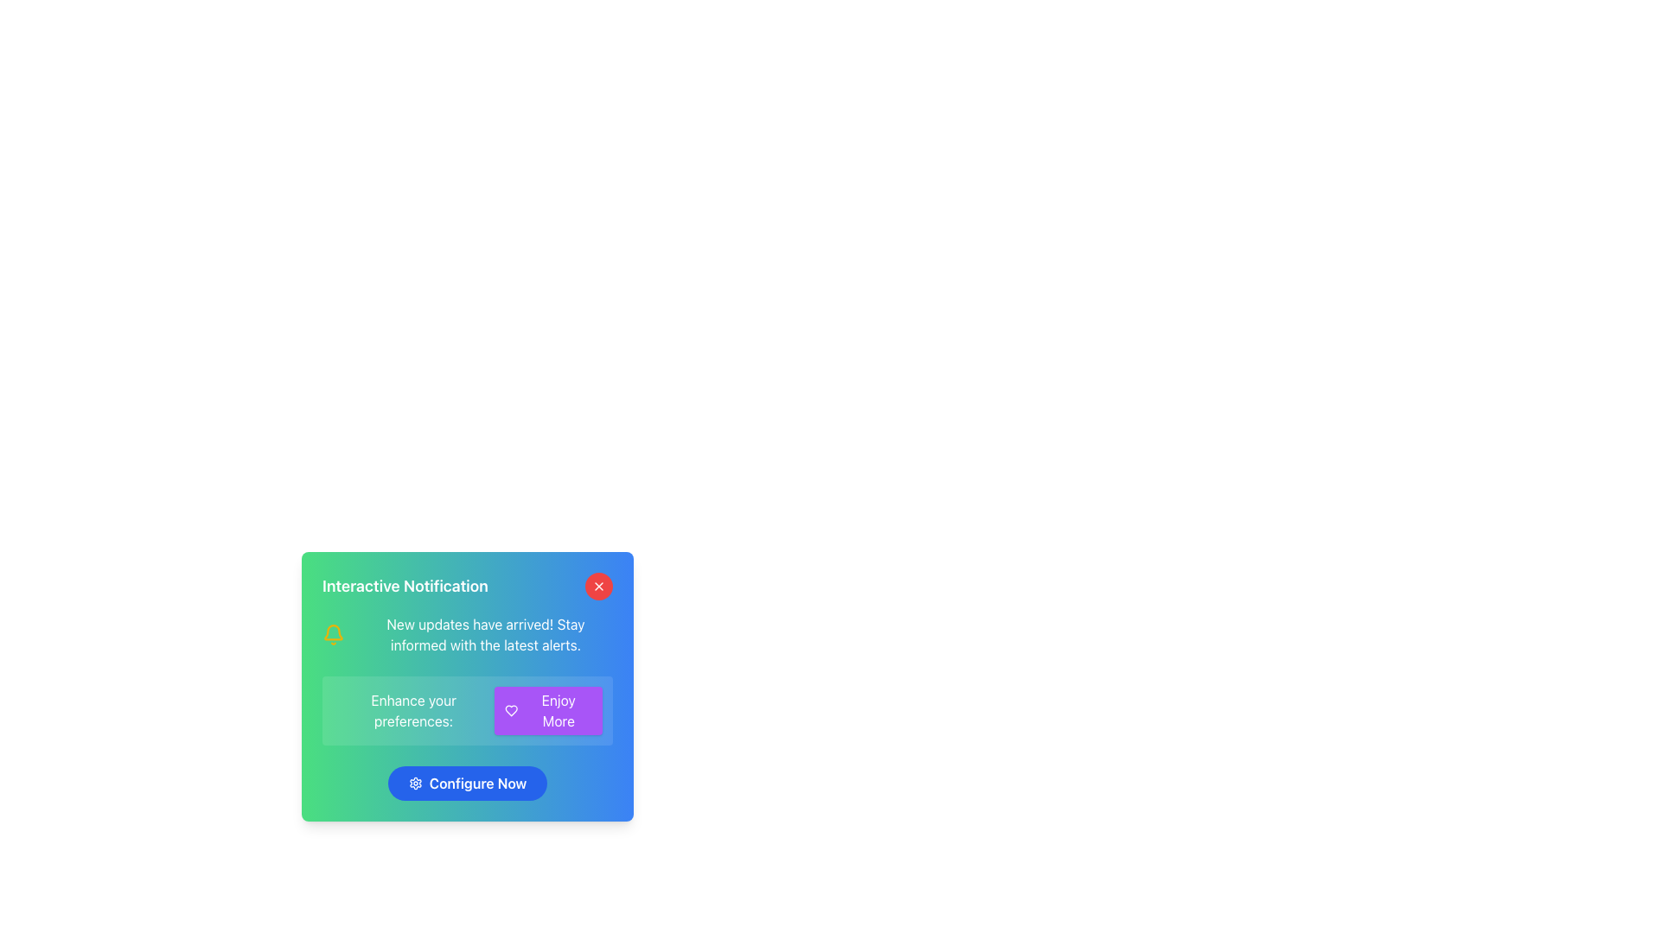 This screenshot has height=933, width=1660. I want to click on the circular red button with an 'X' symbol in the top-right corner, so click(598, 585).